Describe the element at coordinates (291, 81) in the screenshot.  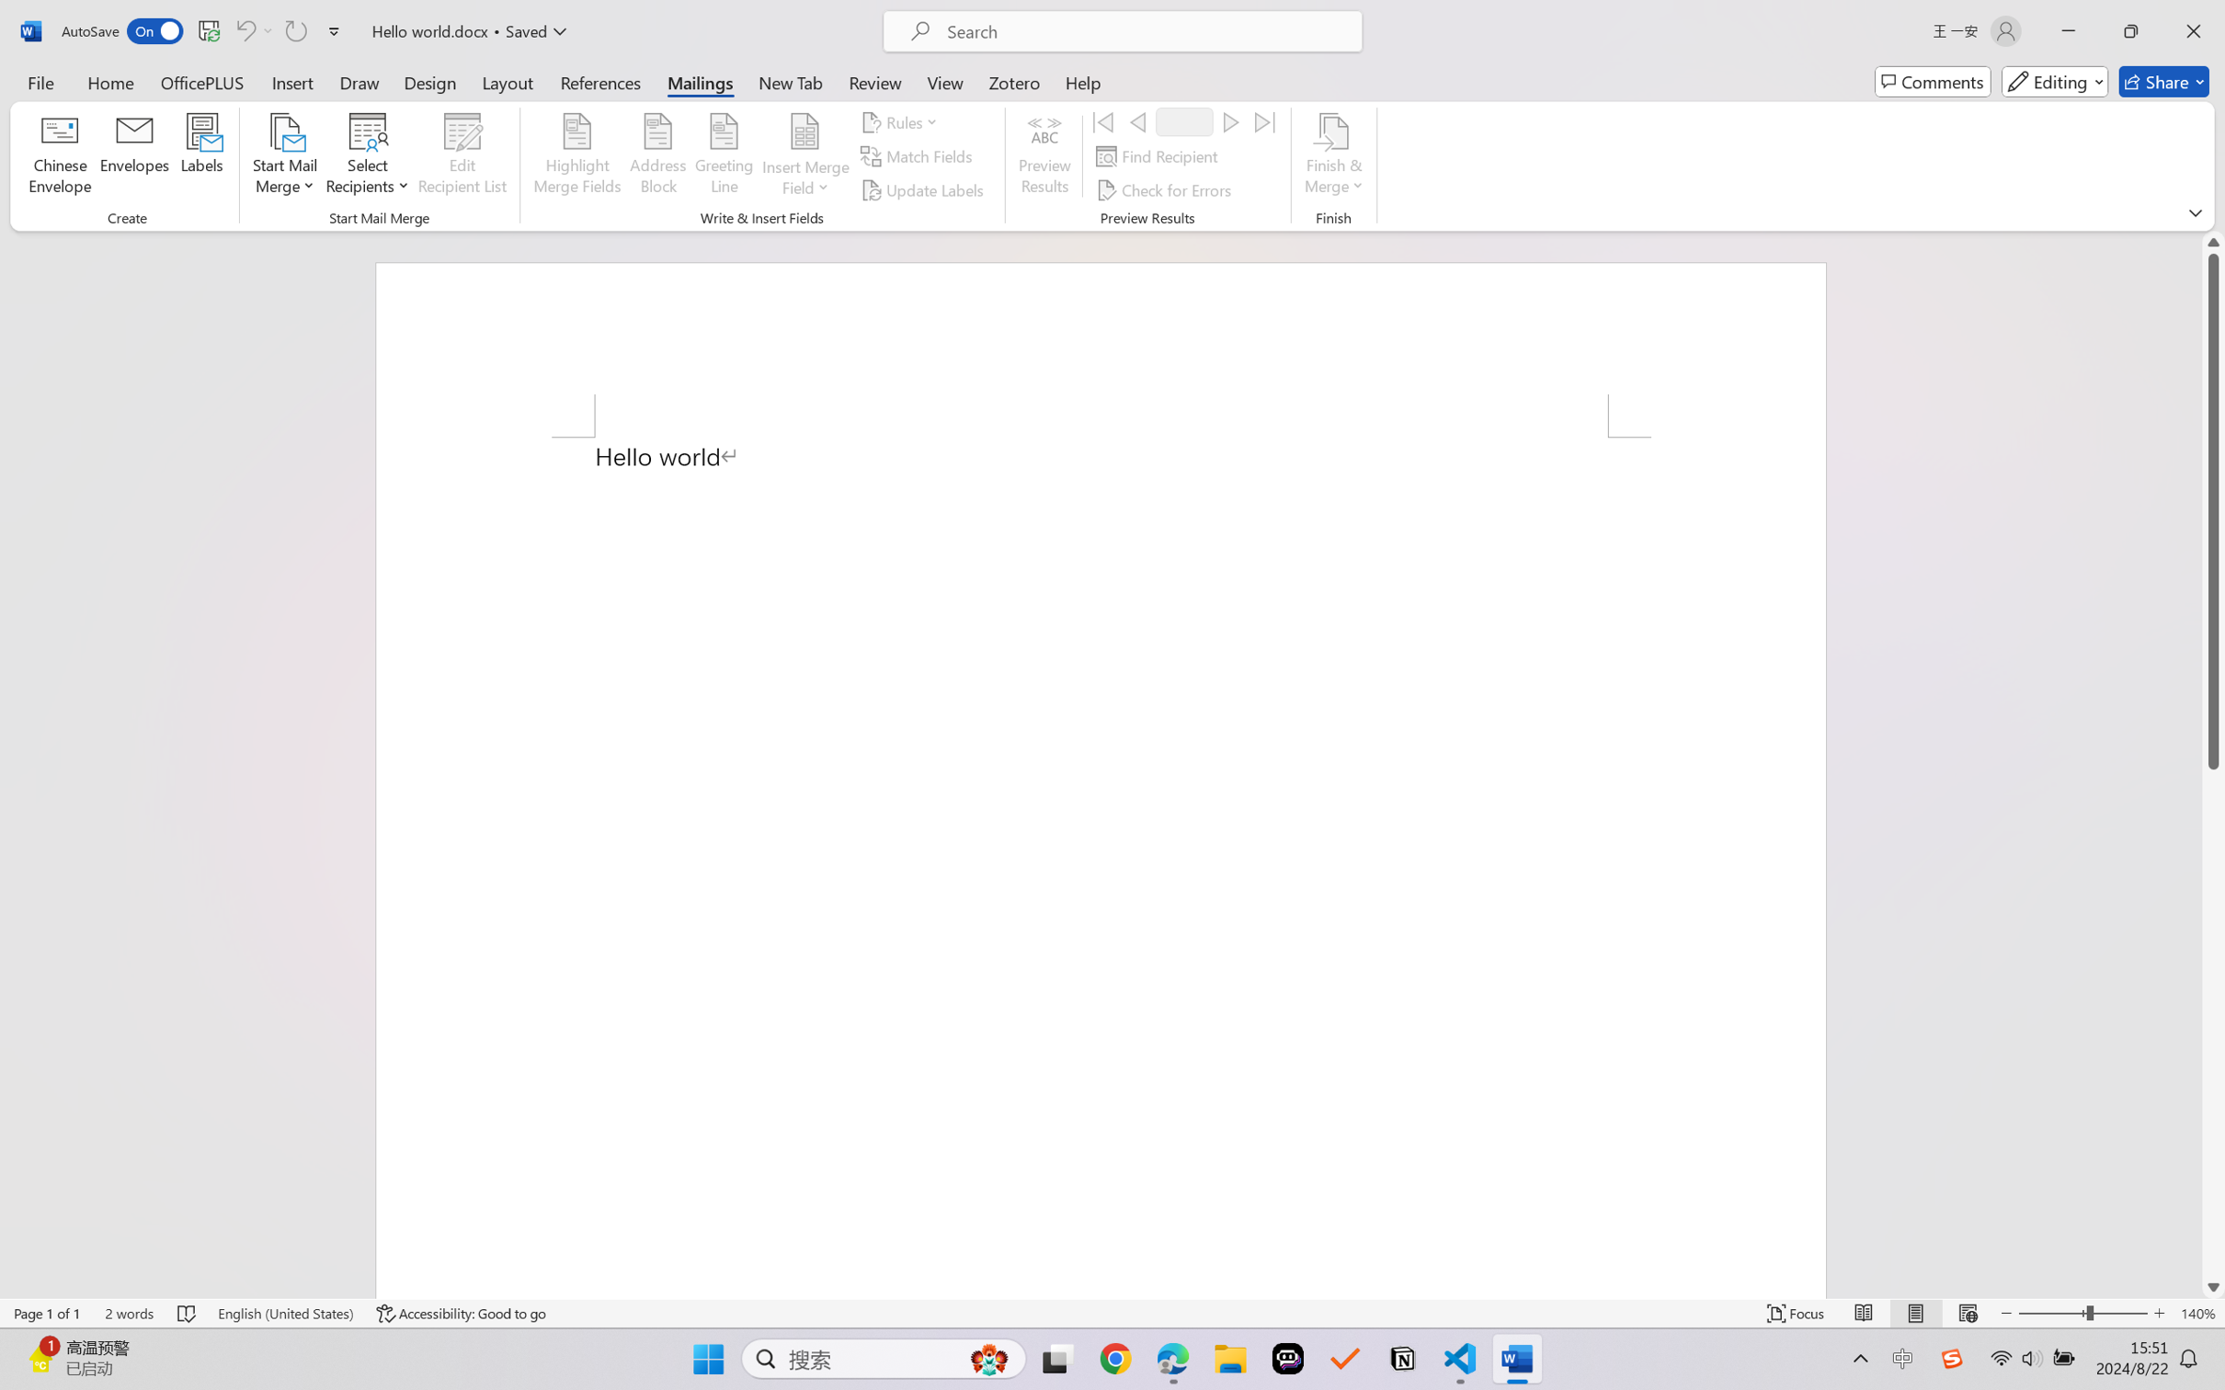
I see `'Insert'` at that location.